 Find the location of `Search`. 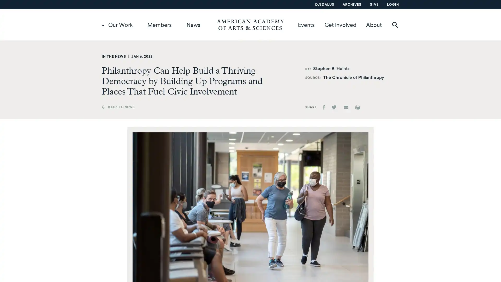

Search is located at coordinates (410, 25).